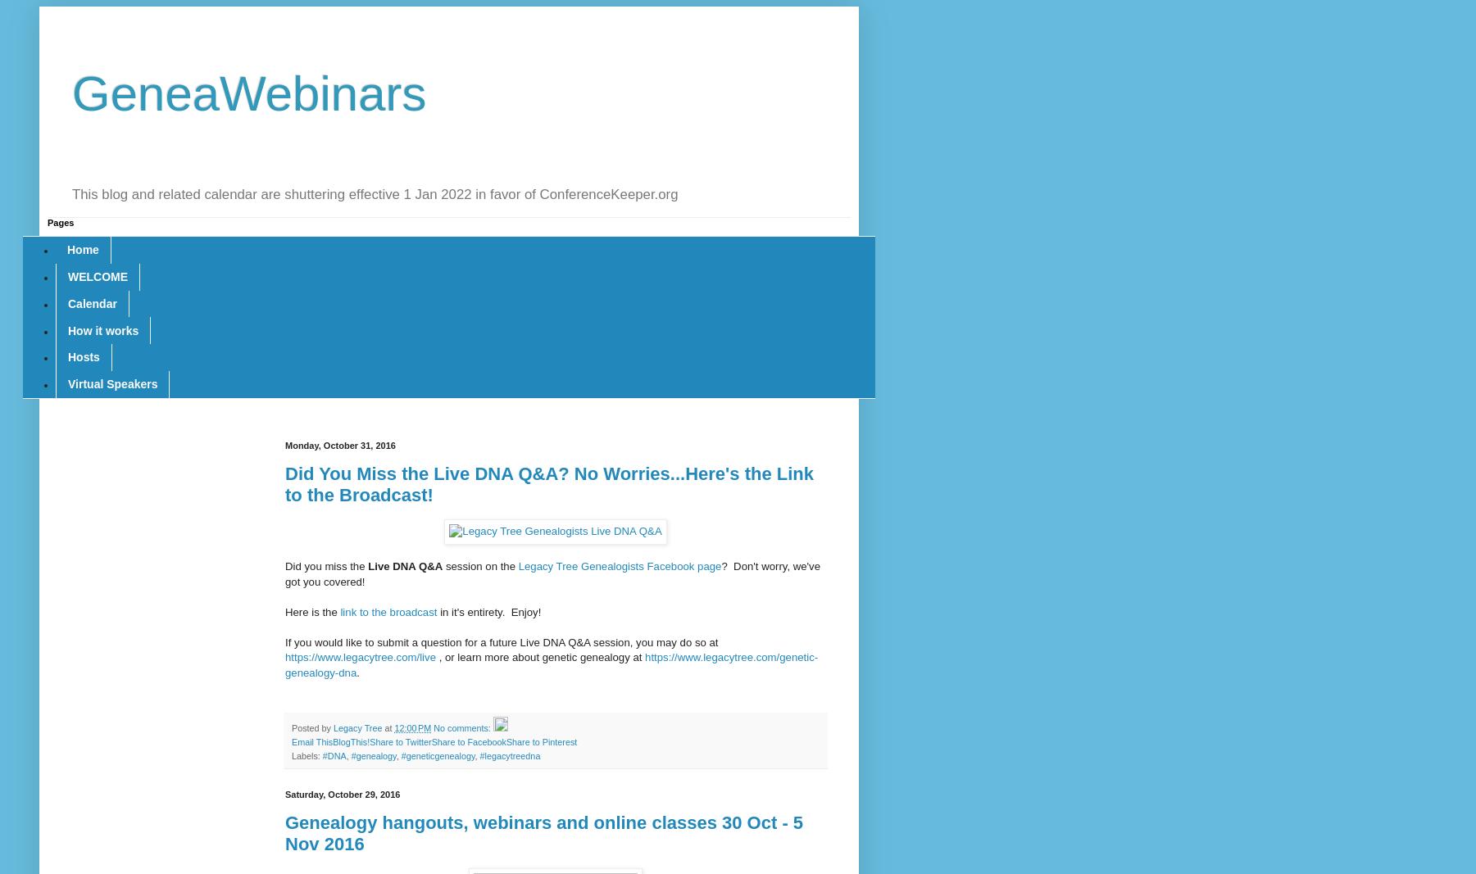 The width and height of the screenshot is (1476, 874). I want to click on 'https://www.legacytree.com/live', so click(284, 656).